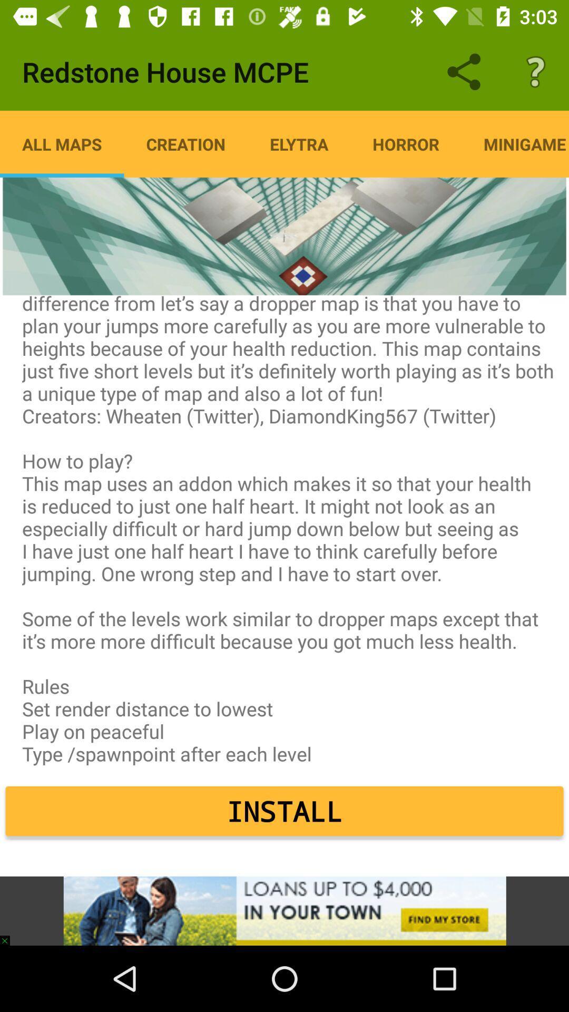 Image resolution: width=569 pixels, height=1012 pixels. Describe the element at coordinates (284, 811) in the screenshot. I see `the install` at that location.